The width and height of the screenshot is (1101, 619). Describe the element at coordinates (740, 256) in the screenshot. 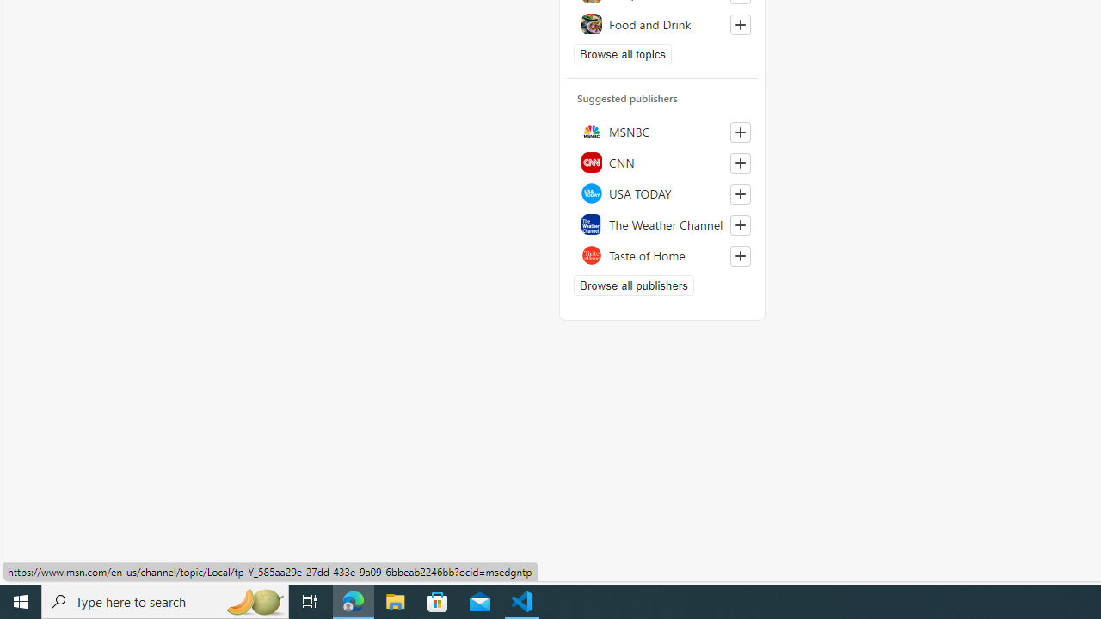

I see `'Follow this source'` at that location.